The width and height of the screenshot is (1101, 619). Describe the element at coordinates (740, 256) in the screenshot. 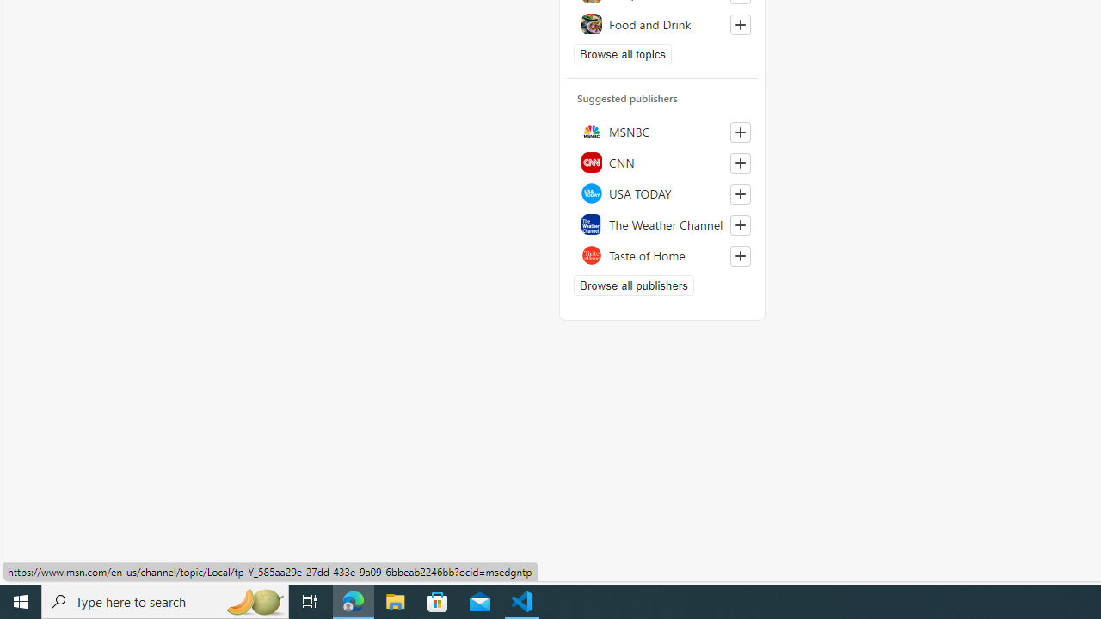

I see `'Follow this source'` at that location.